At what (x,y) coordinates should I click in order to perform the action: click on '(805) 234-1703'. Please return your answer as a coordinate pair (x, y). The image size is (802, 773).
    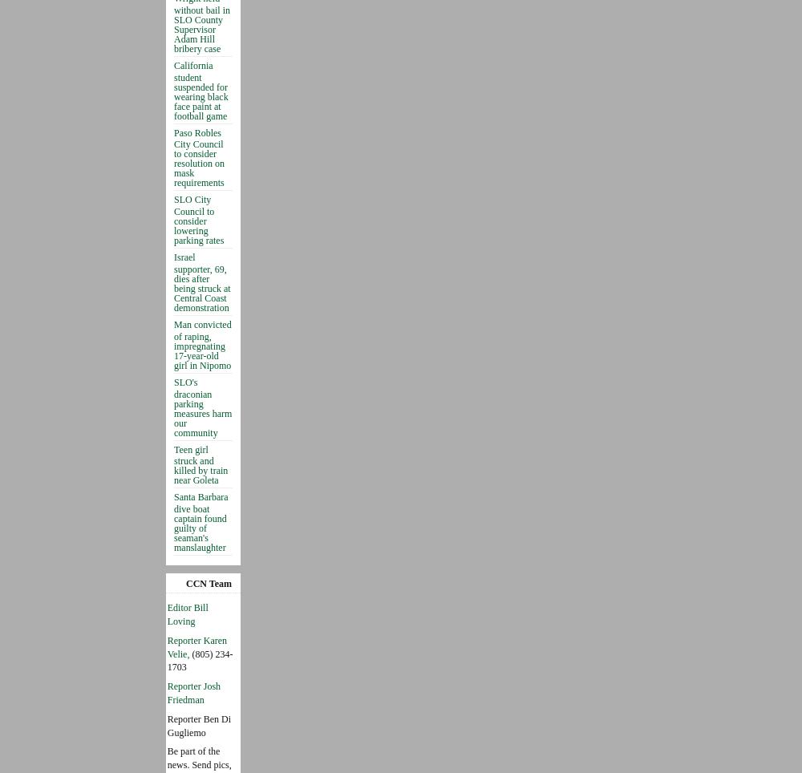
    Looking at the image, I should click on (166, 659).